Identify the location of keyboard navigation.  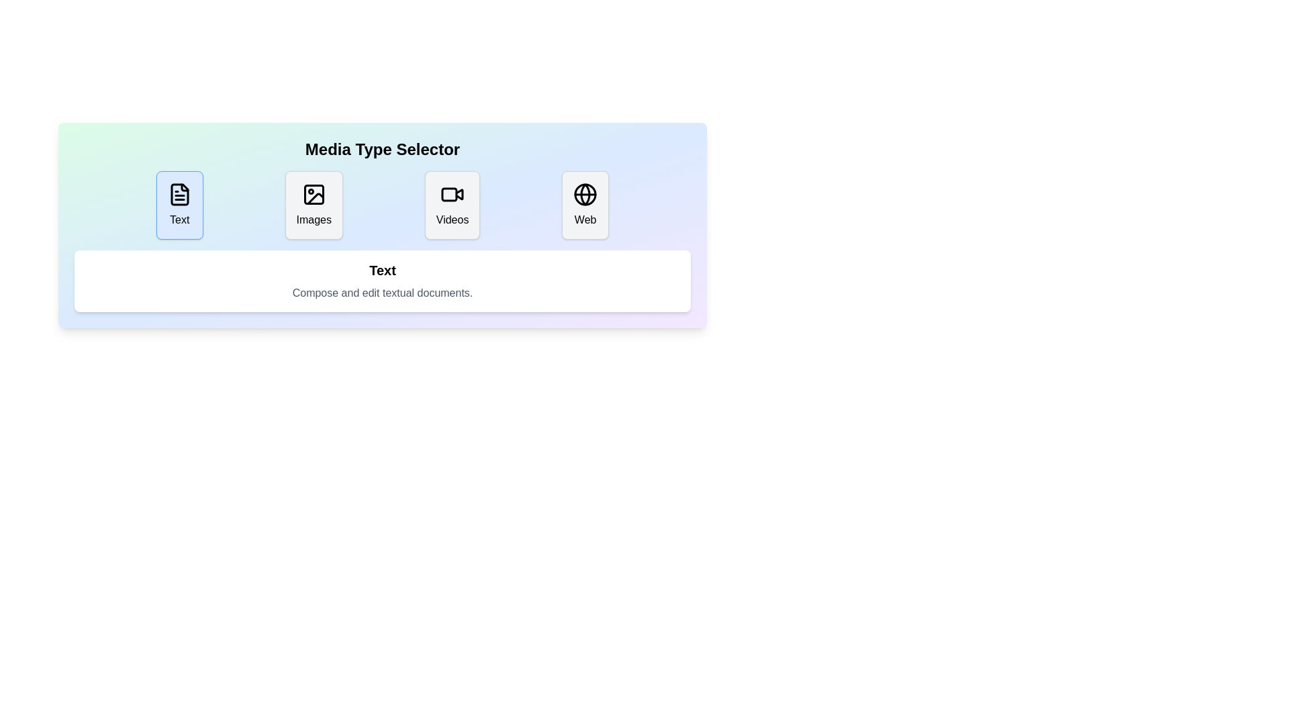
(313, 194).